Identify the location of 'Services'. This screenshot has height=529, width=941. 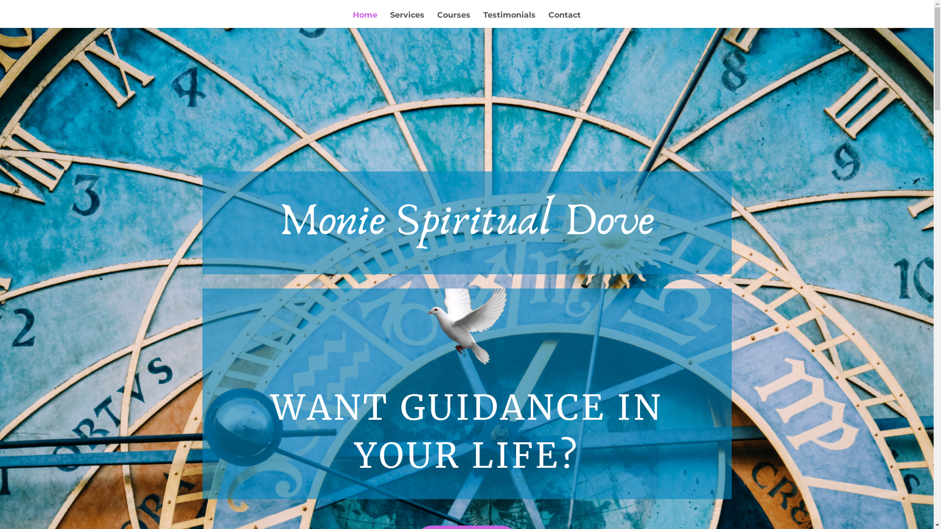
(407, 20).